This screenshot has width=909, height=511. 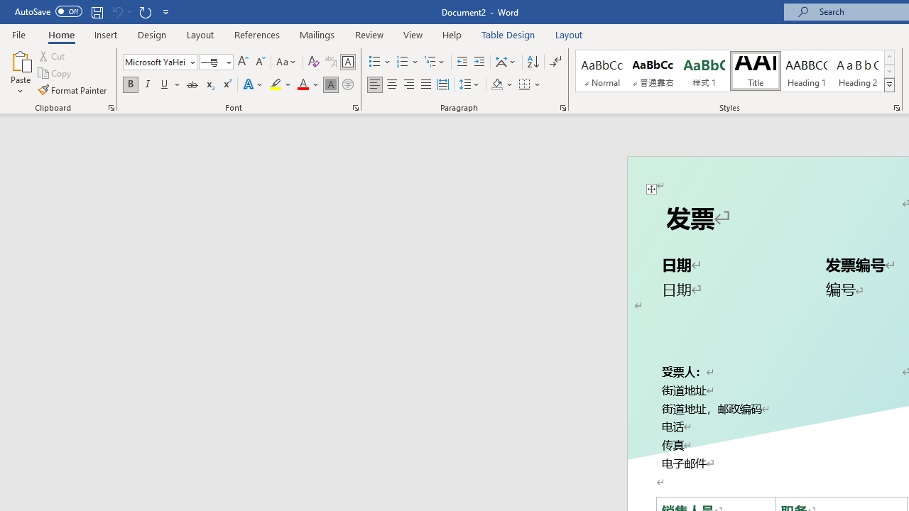 I want to click on 'Font Size', so click(x=215, y=61).